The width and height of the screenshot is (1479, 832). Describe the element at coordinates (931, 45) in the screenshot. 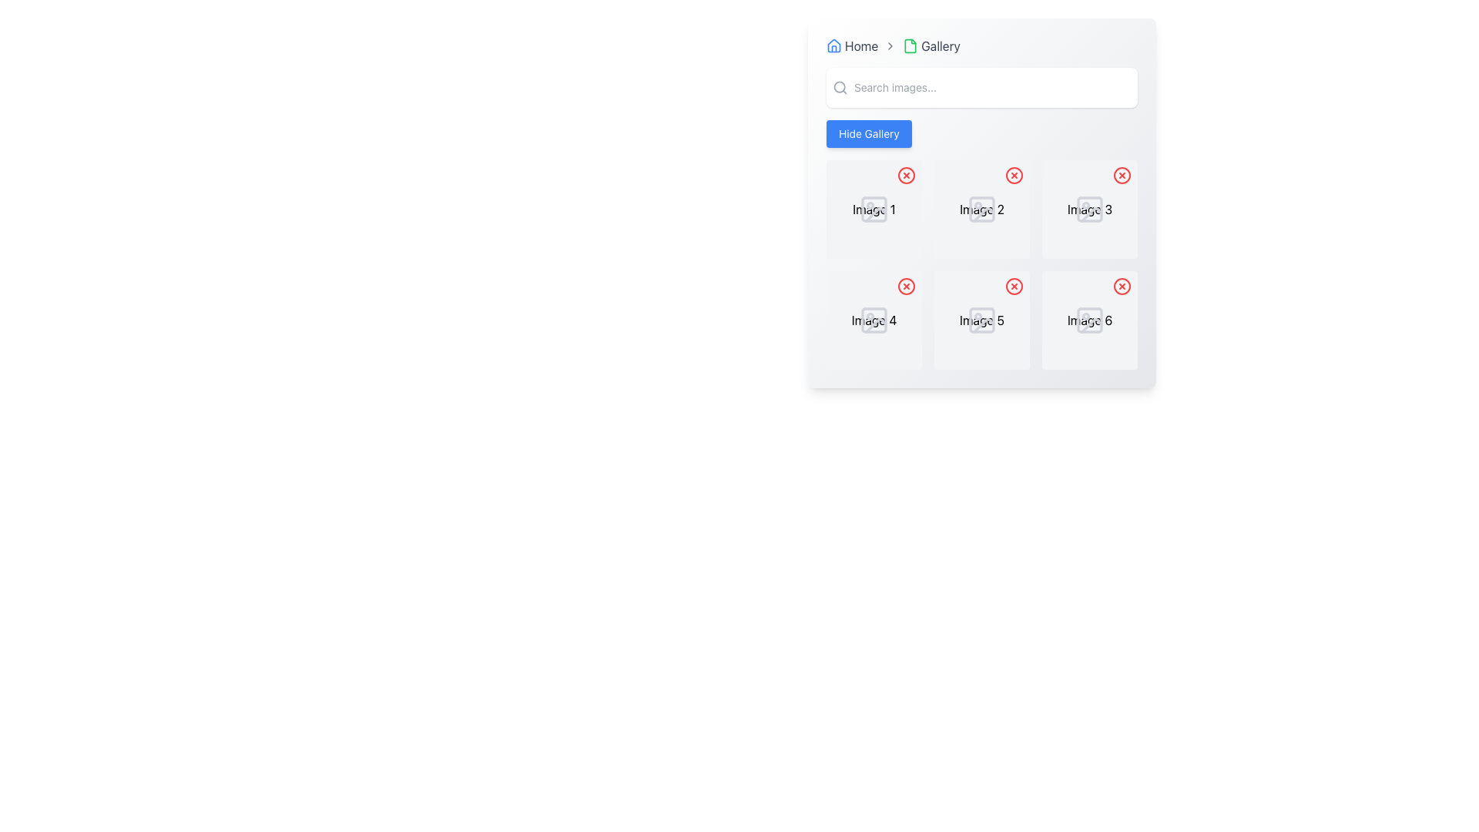

I see `the 'Gallery' navigation link, which consists of a document icon with a green border and the text label 'Gallery' in black, located in the top navigation bar as the second item after 'Home'` at that location.